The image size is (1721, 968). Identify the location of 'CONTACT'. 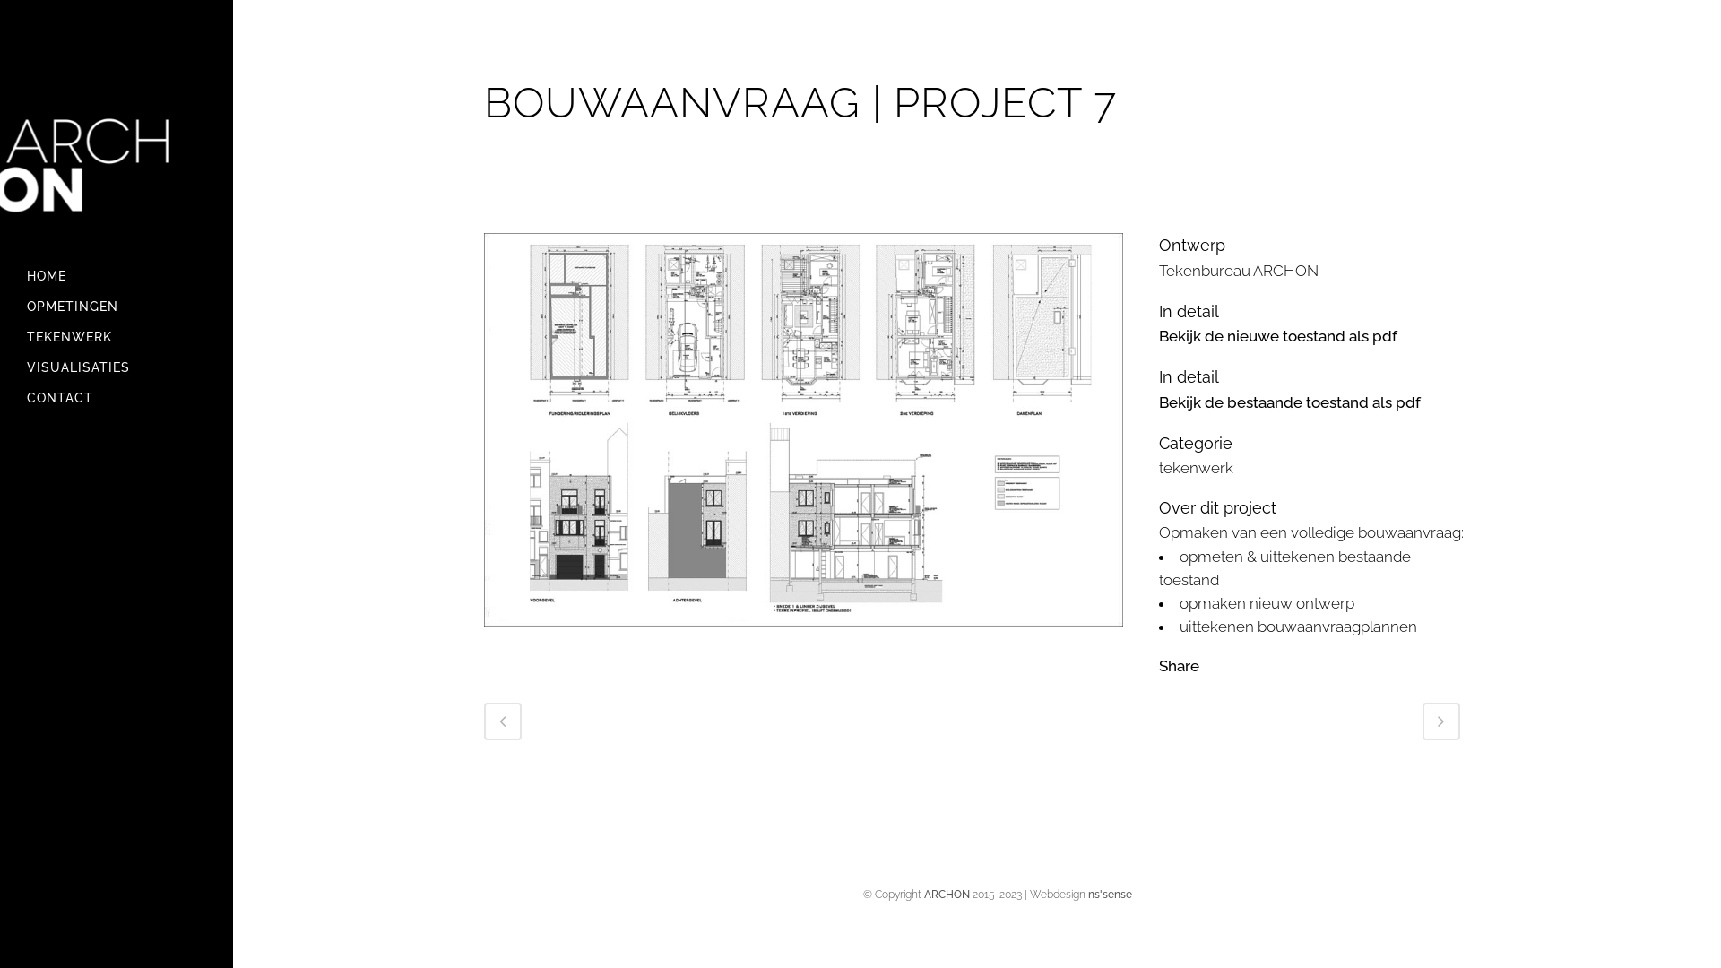
(115, 396).